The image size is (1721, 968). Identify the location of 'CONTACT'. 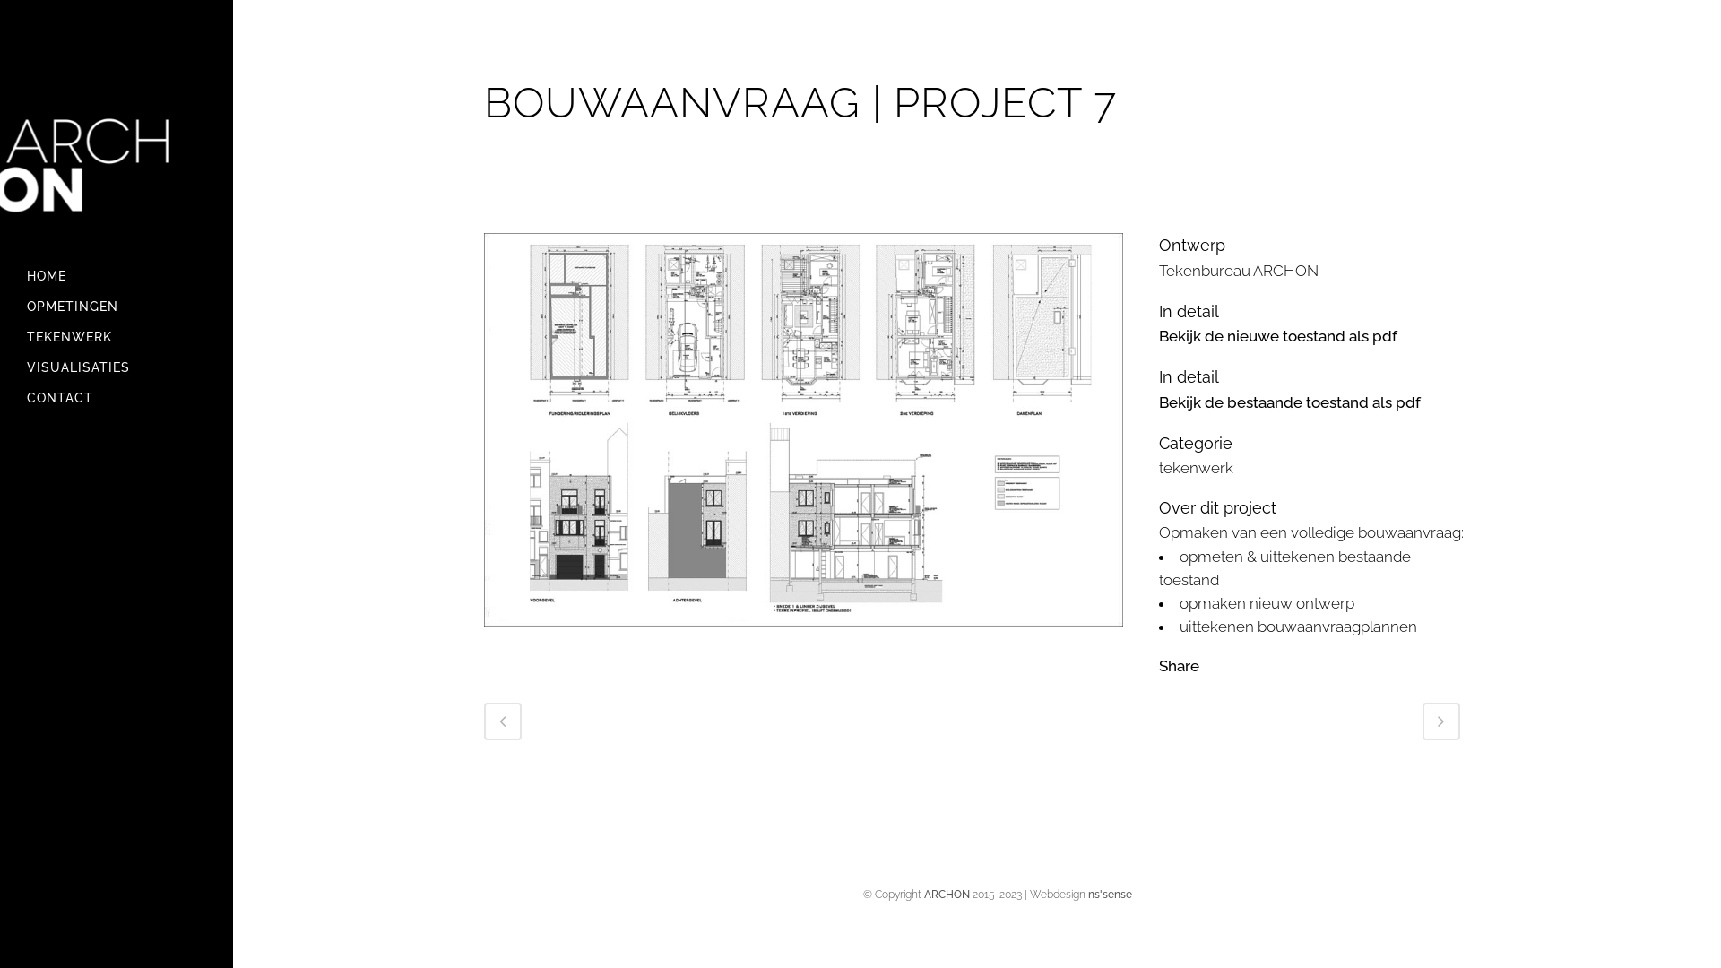
(115, 396).